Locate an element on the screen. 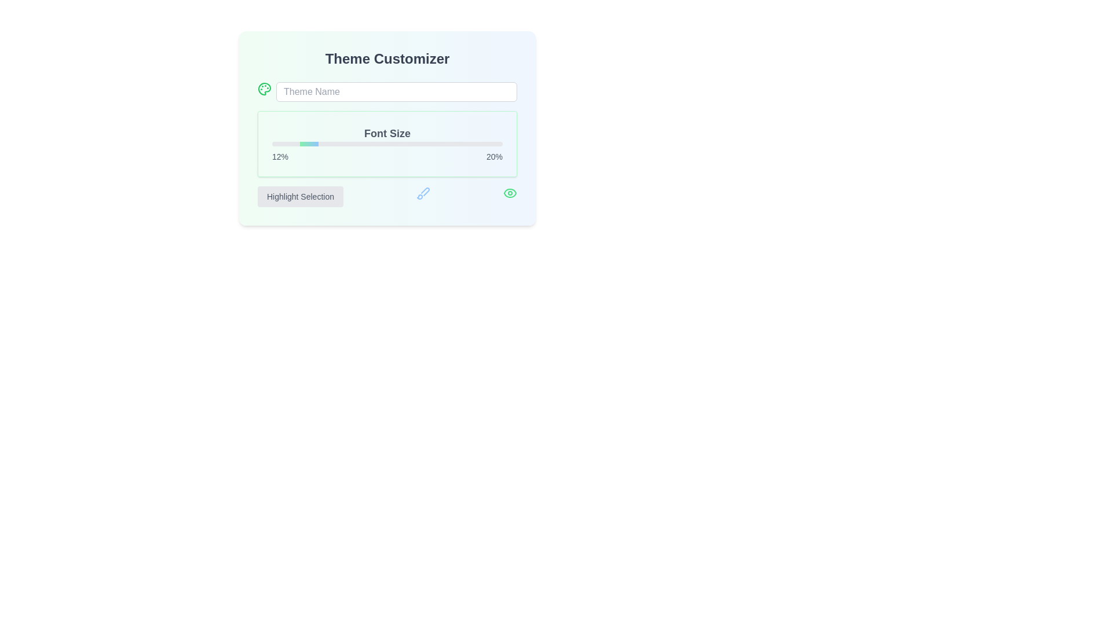 The height and width of the screenshot is (625, 1112). the font size is located at coordinates (364, 144).